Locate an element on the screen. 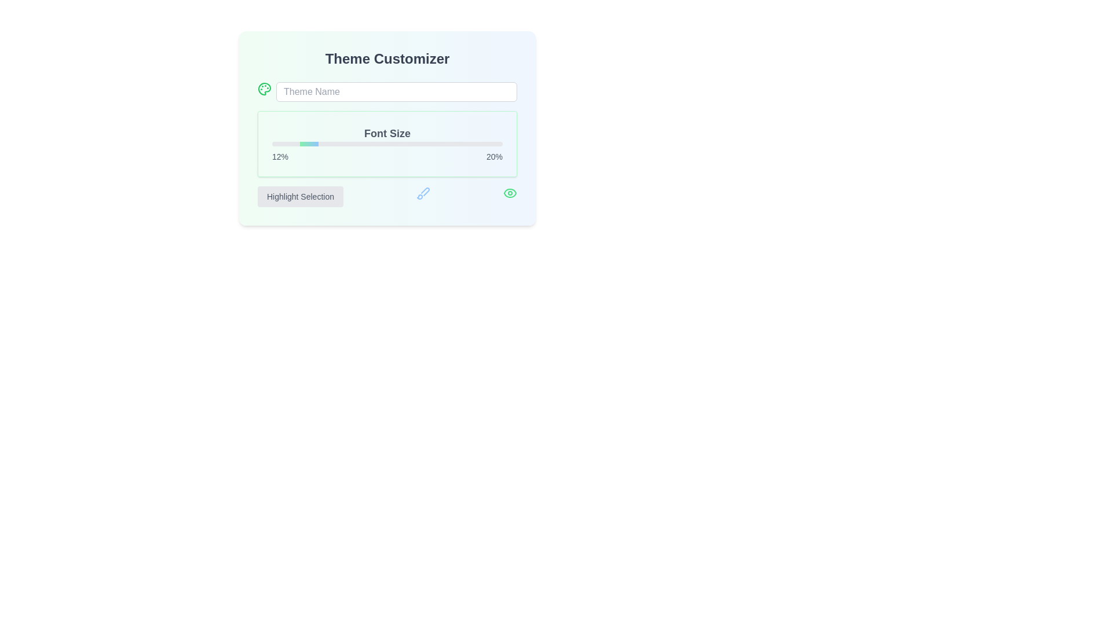 The height and width of the screenshot is (625, 1112). the font size is located at coordinates (364, 144).